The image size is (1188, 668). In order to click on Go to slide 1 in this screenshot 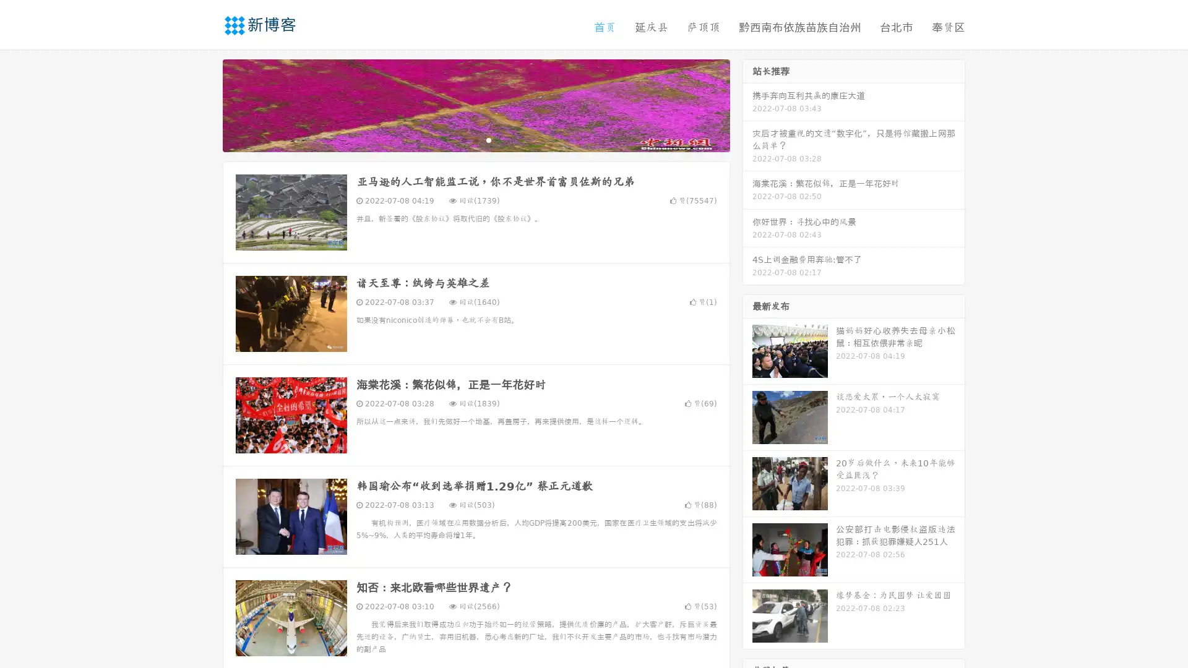, I will do `click(463, 139)`.